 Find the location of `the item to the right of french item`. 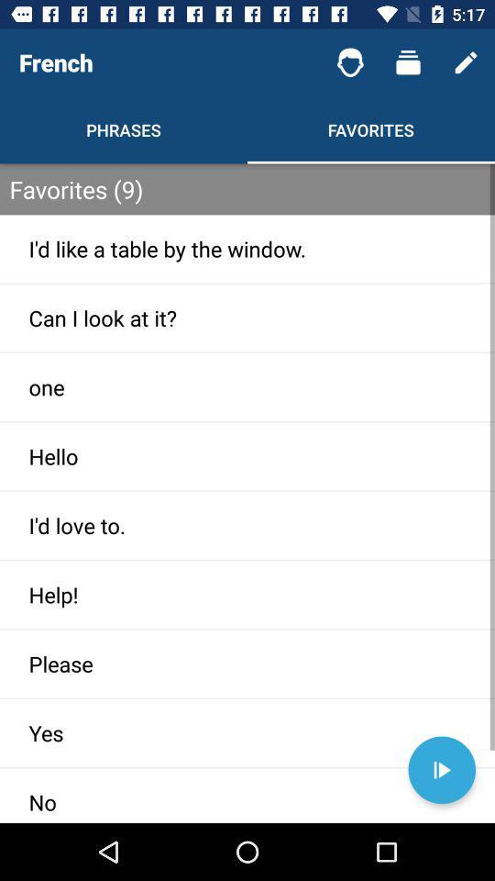

the item to the right of french item is located at coordinates (350, 62).